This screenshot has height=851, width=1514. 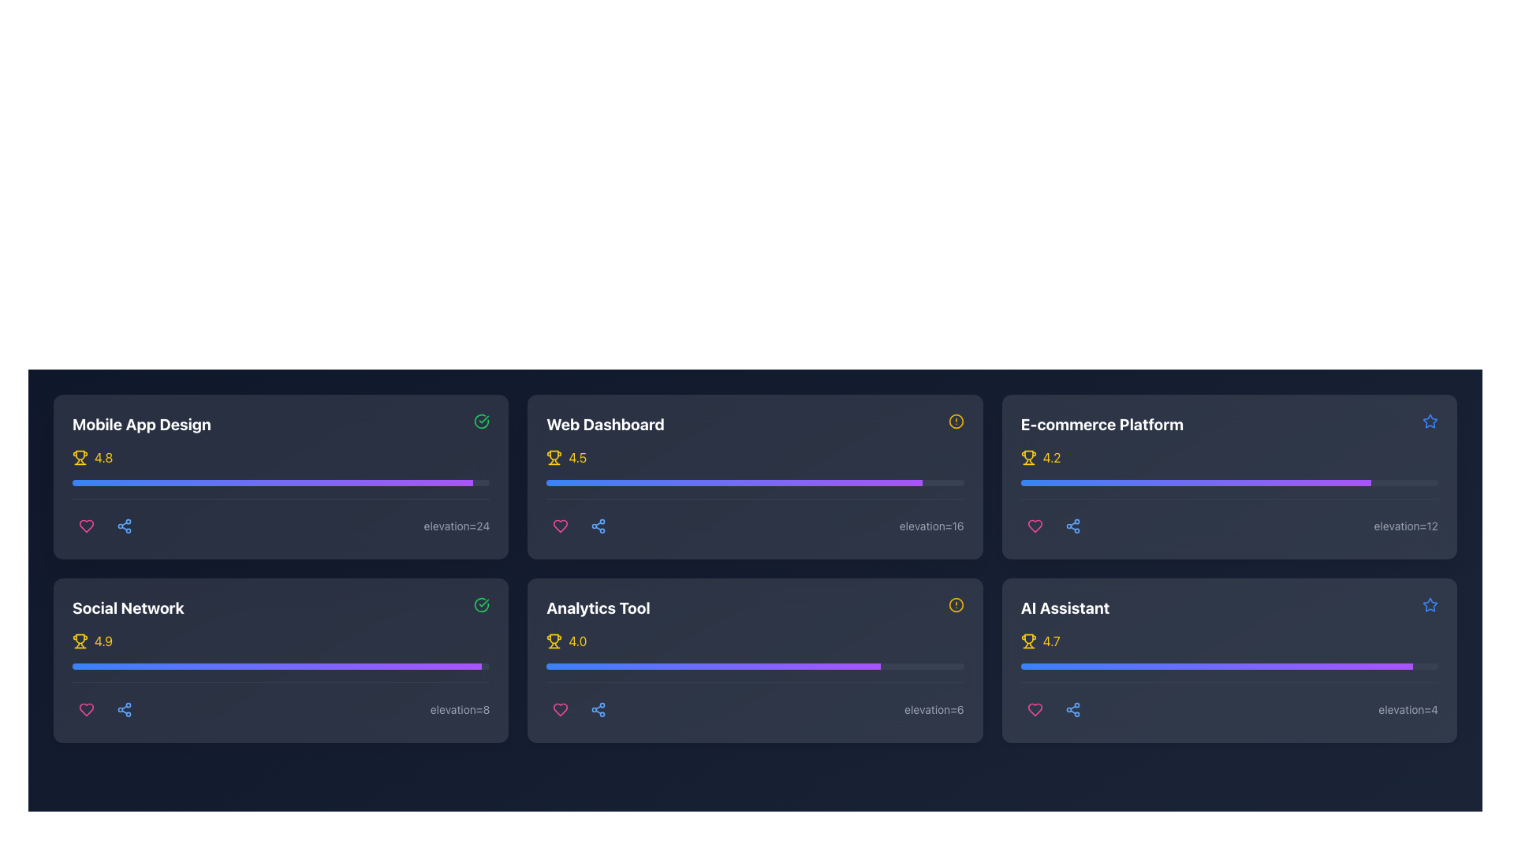 What do you see at coordinates (554, 455) in the screenshot?
I see `the award or achievement icon located in the upper left section of the 'Web Dashboard' card, adjacent to the rating score '4.5'` at bounding box center [554, 455].